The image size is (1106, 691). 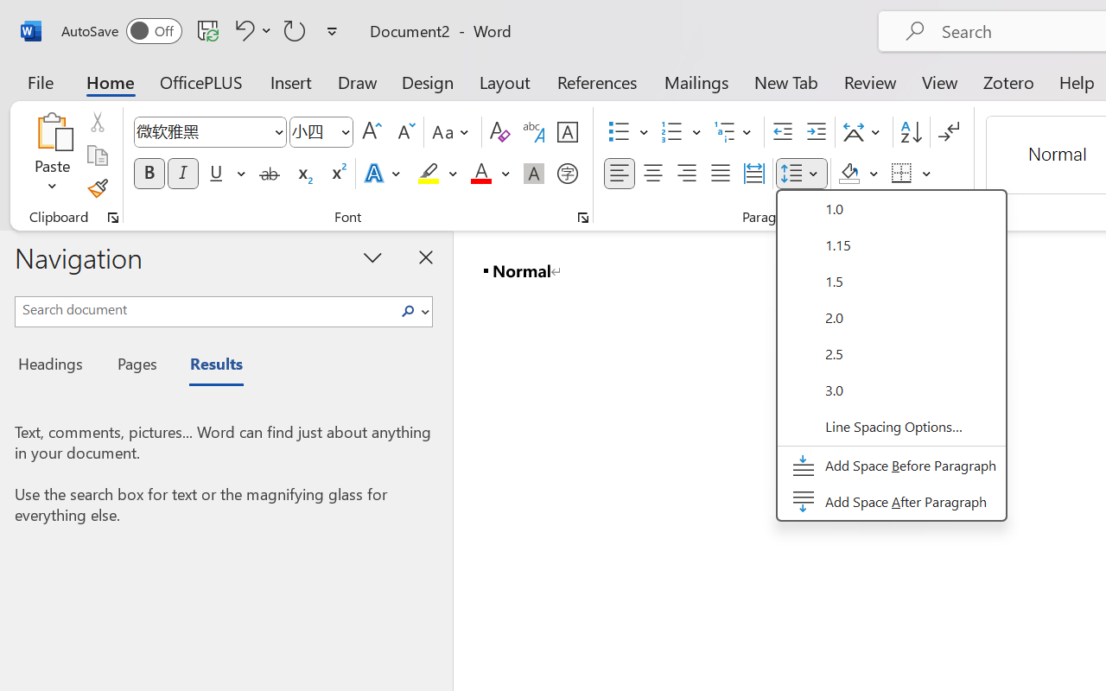 What do you see at coordinates (567, 174) in the screenshot?
I see `'Enclose Characters...'` at bounding box center [567, 174].